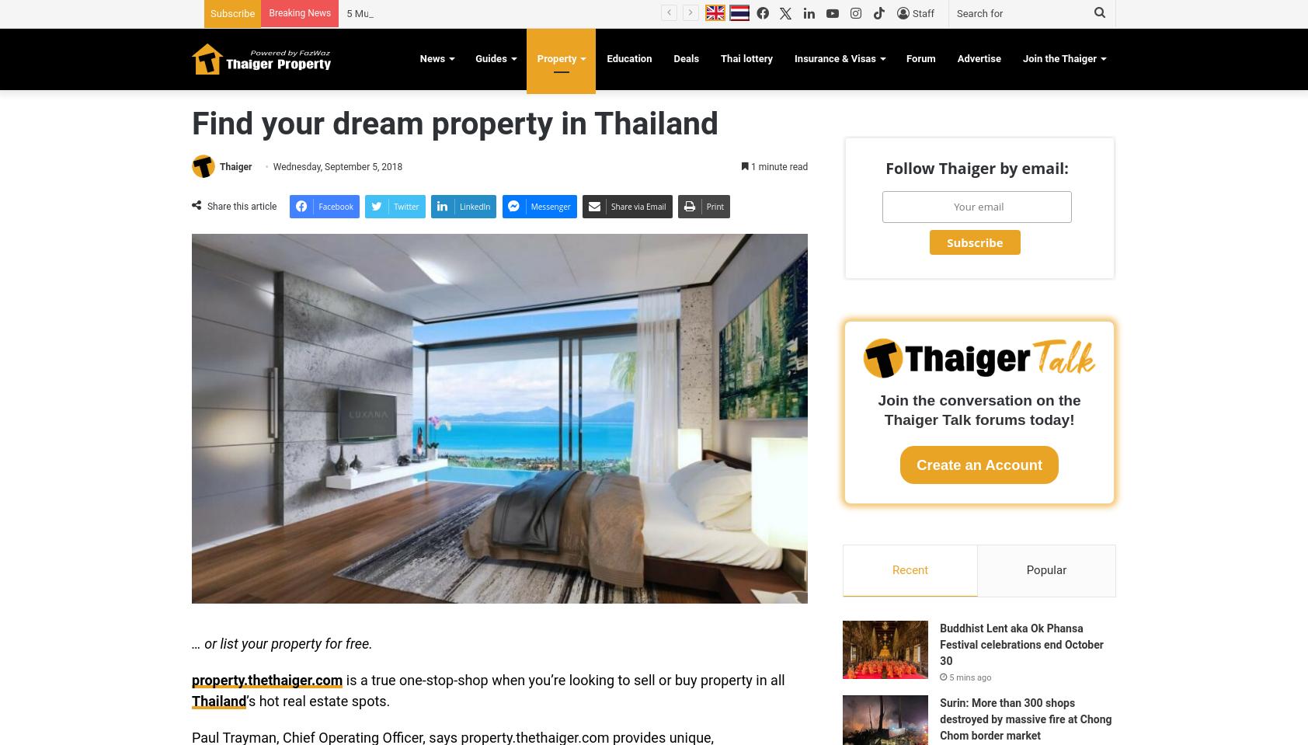 The image size is (1308, 745). I want to click on 'Print', so click(714, 205).